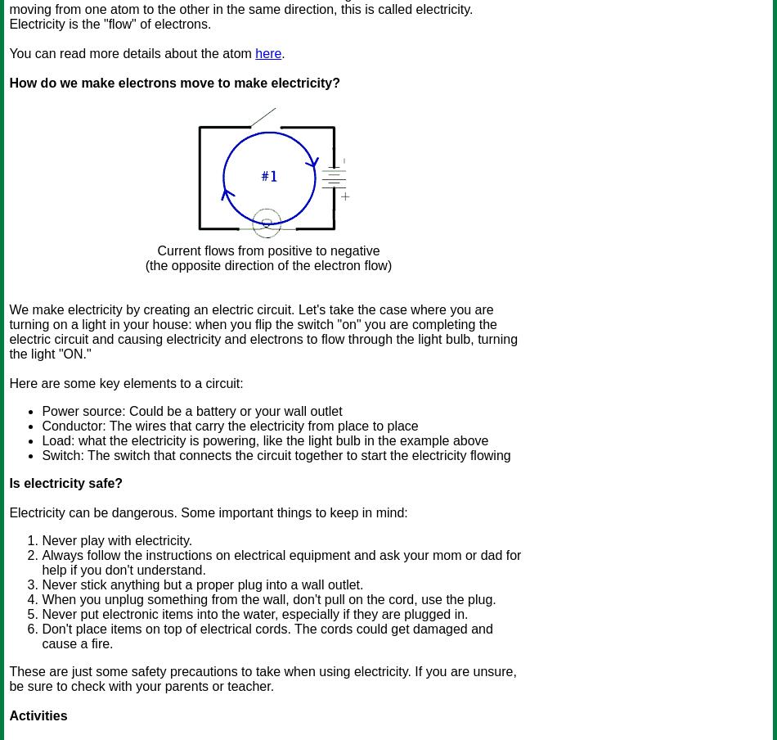 The image size is (777, 740). Describe the element at coordinates (116, 540) in the screenshot. I see `'Never play with electricity.'` at that location.